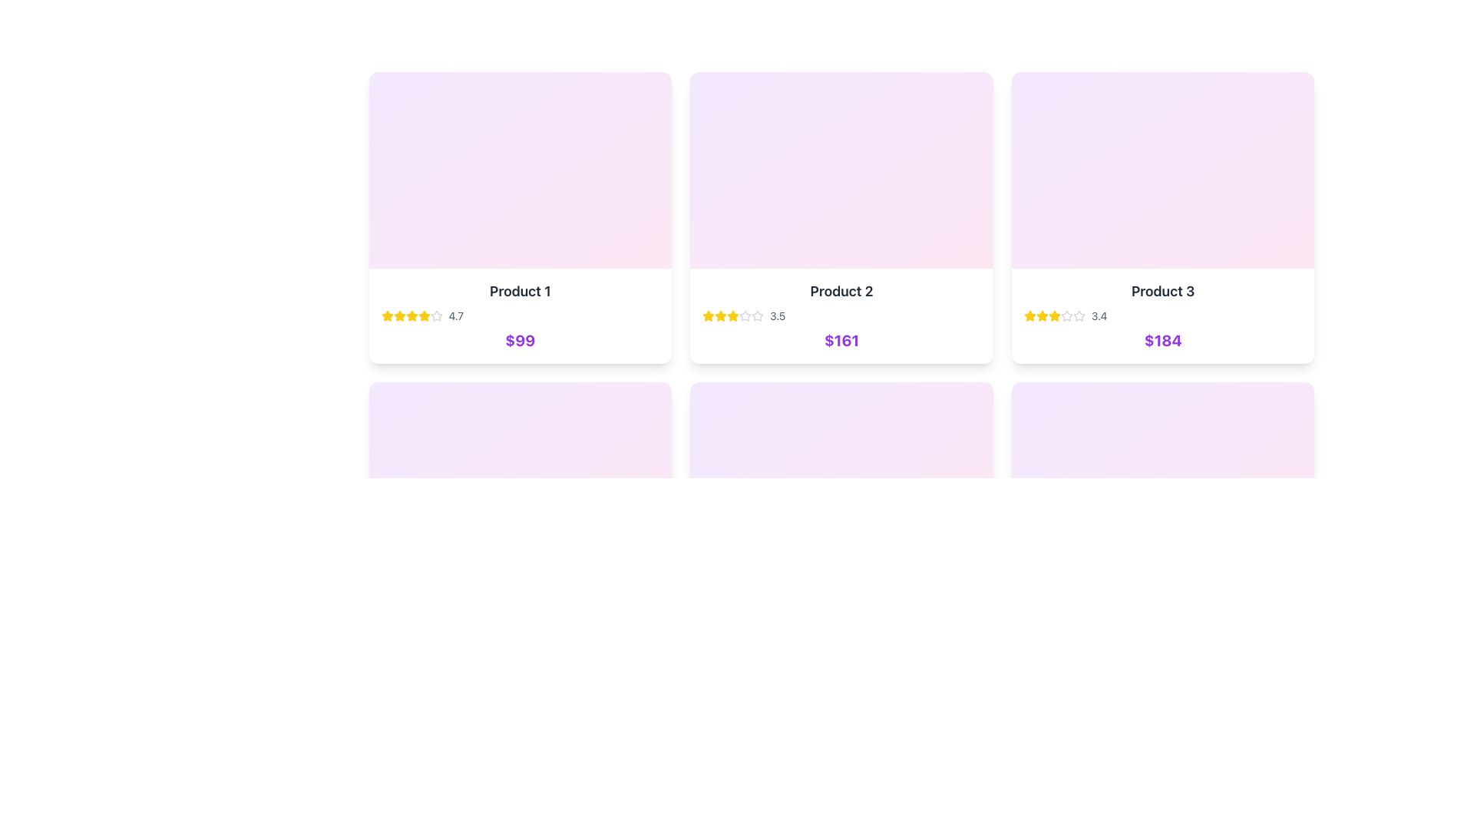 The height and width of the screenshot is (829, 1474). What do you see at coordinates (1053, 315) in the screenshot?
I see `the second star icon in the rating section of the 'Product 3' card, which is a five-pointed yellow star with a filled center` at bounding box center [1053, 315].